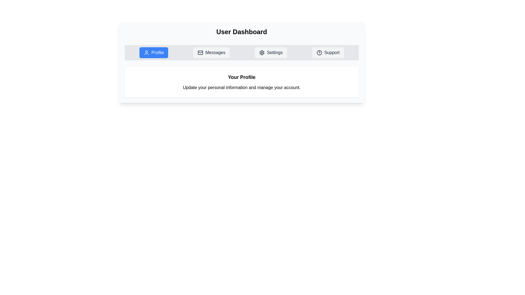 This screenshot has width=525, height=295. I want to click on the user profile access icon located to the left of the 'Profile' button in the top navigation menu to trigger tooltips or visual effects, so click(147, 52).